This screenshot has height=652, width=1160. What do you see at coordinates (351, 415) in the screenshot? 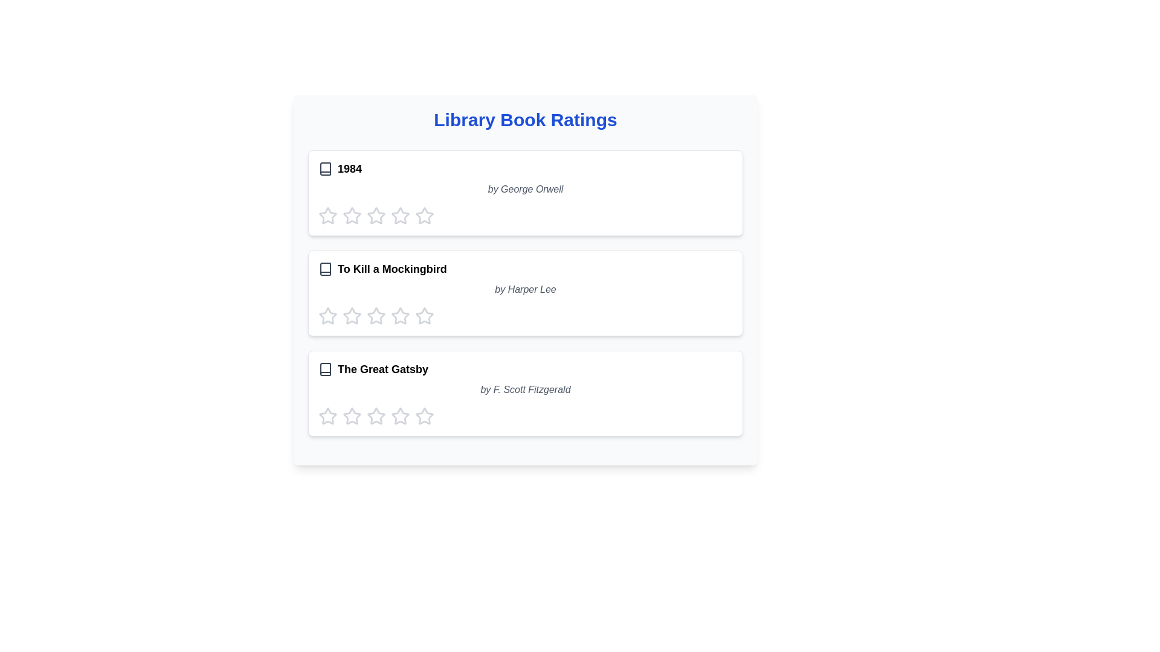
I see `the first star button in the rating system under the book titled 'The Great Gatsby' to rate it` at bounding box center [351, 415].